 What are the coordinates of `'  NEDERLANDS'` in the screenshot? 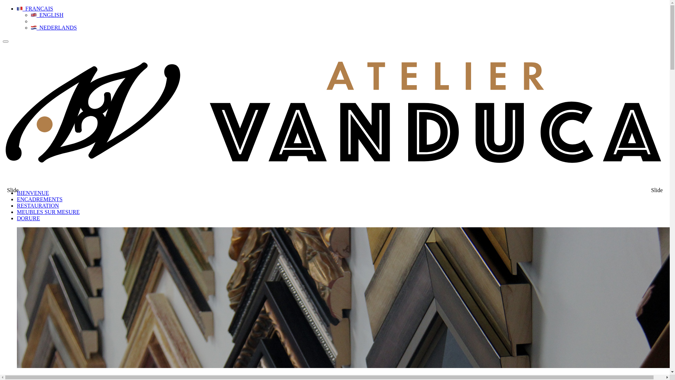 It's located at (53, 27).